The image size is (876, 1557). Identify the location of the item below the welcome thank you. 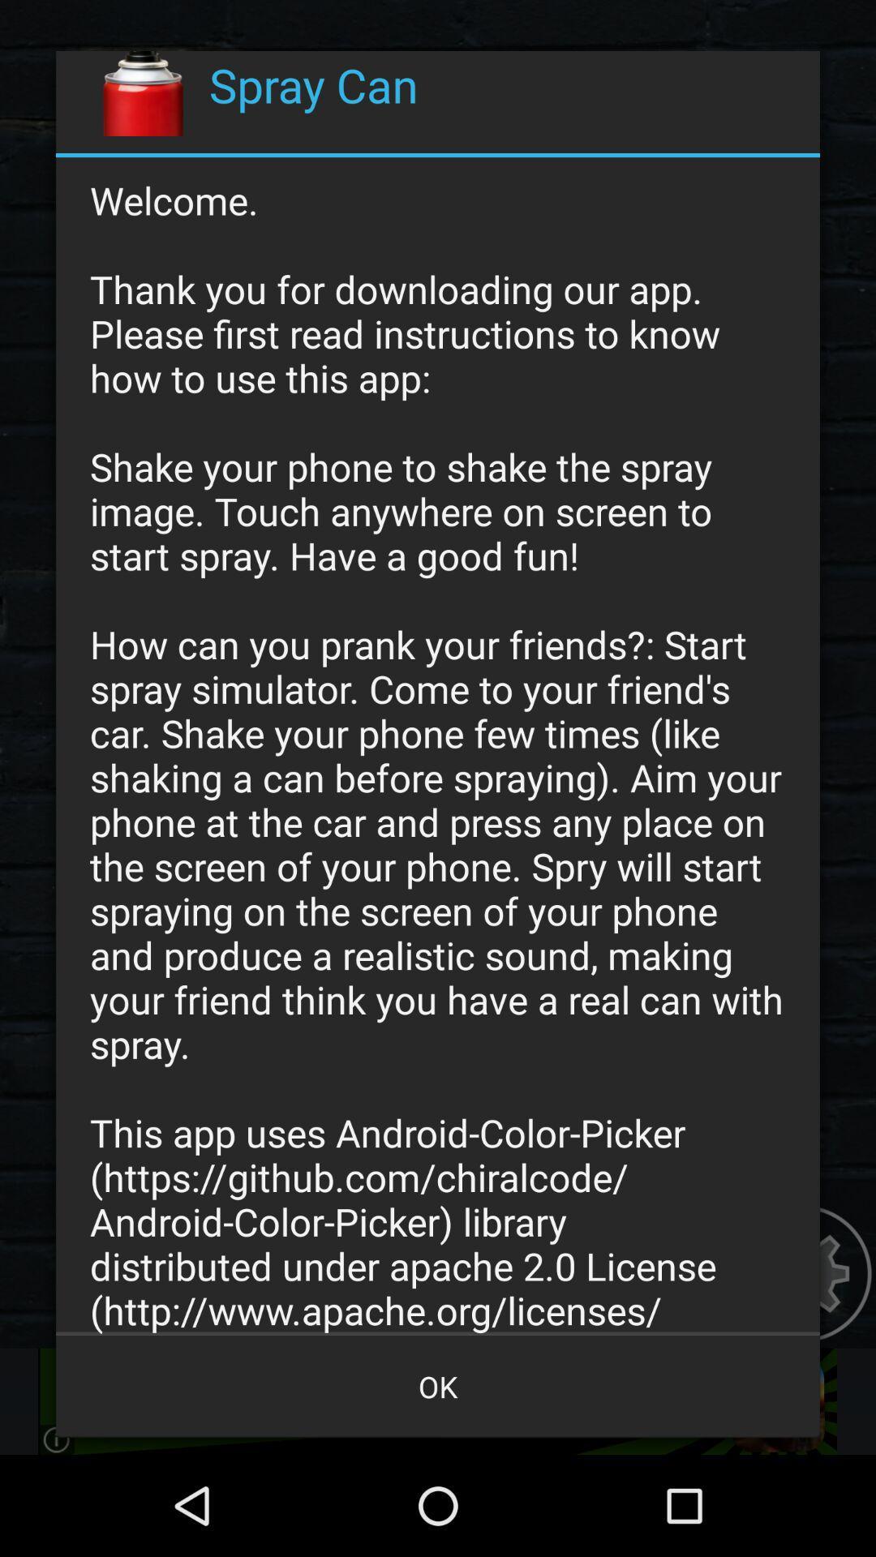
(438, 1385).